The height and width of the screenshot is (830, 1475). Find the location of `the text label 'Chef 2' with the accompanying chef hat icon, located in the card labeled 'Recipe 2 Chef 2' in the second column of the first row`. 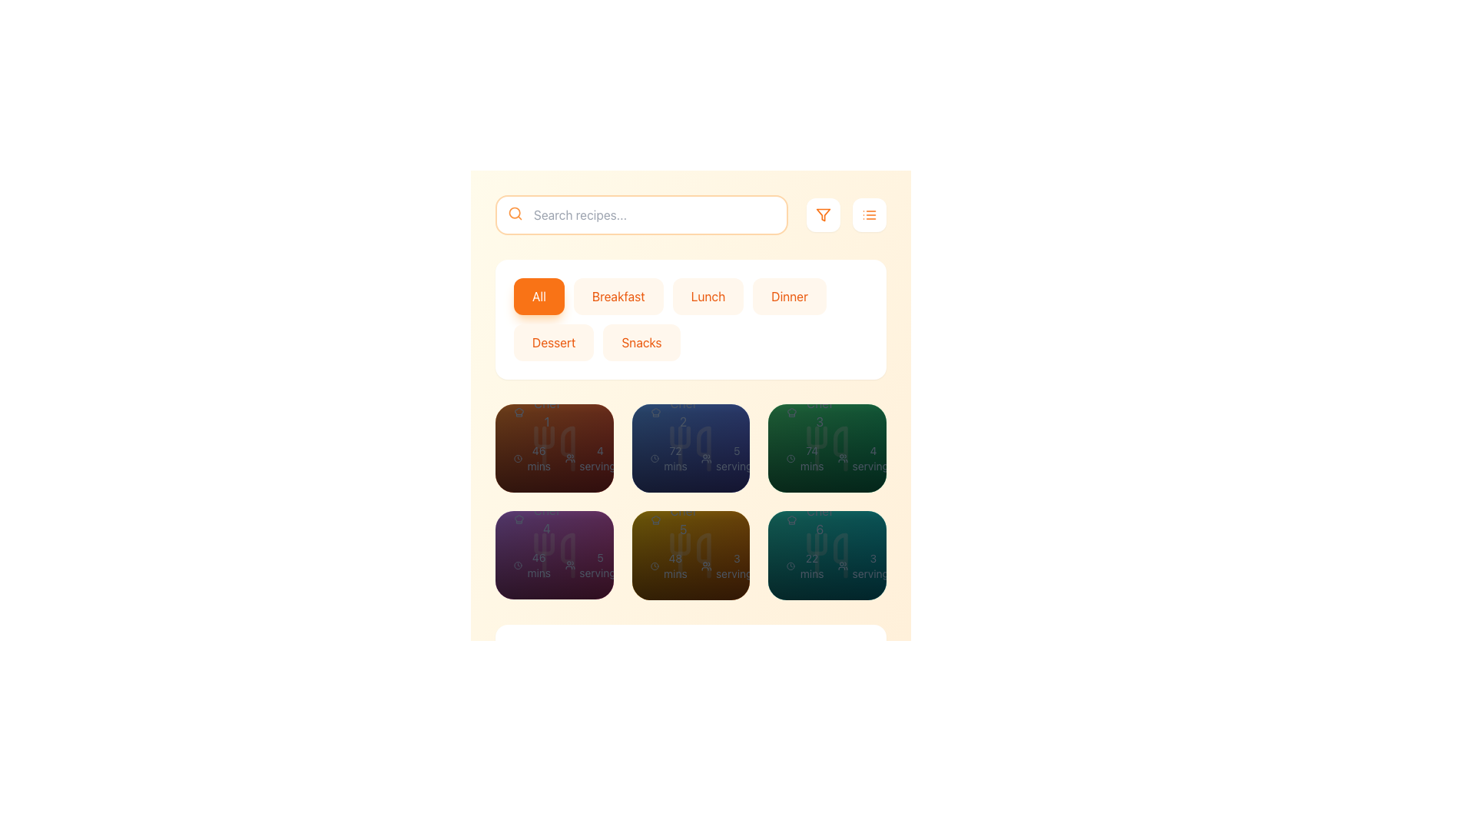

the text label 'Chef 2' with the accompanying chef hat icon, located in the card labeled 'Recipe 2 Chef 2' in the second column of the first row is located at coordinates (675, 412).